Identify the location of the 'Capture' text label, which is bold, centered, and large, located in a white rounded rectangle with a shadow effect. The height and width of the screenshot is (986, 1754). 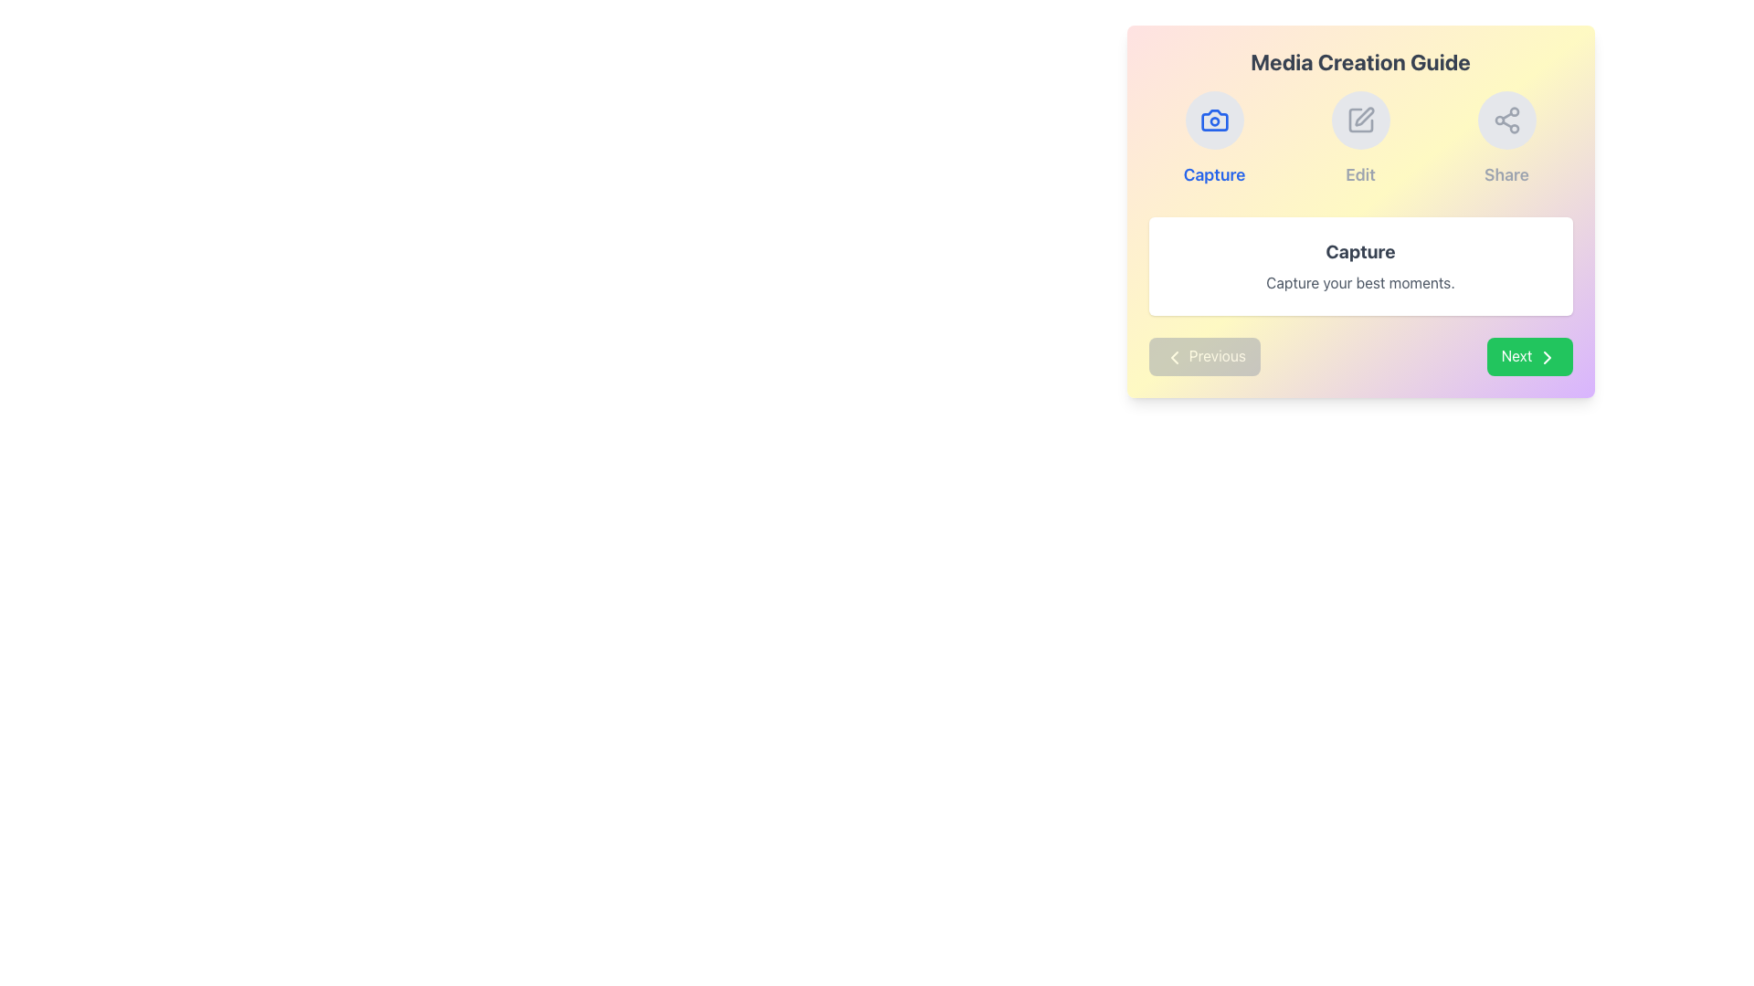
(1360, 252).